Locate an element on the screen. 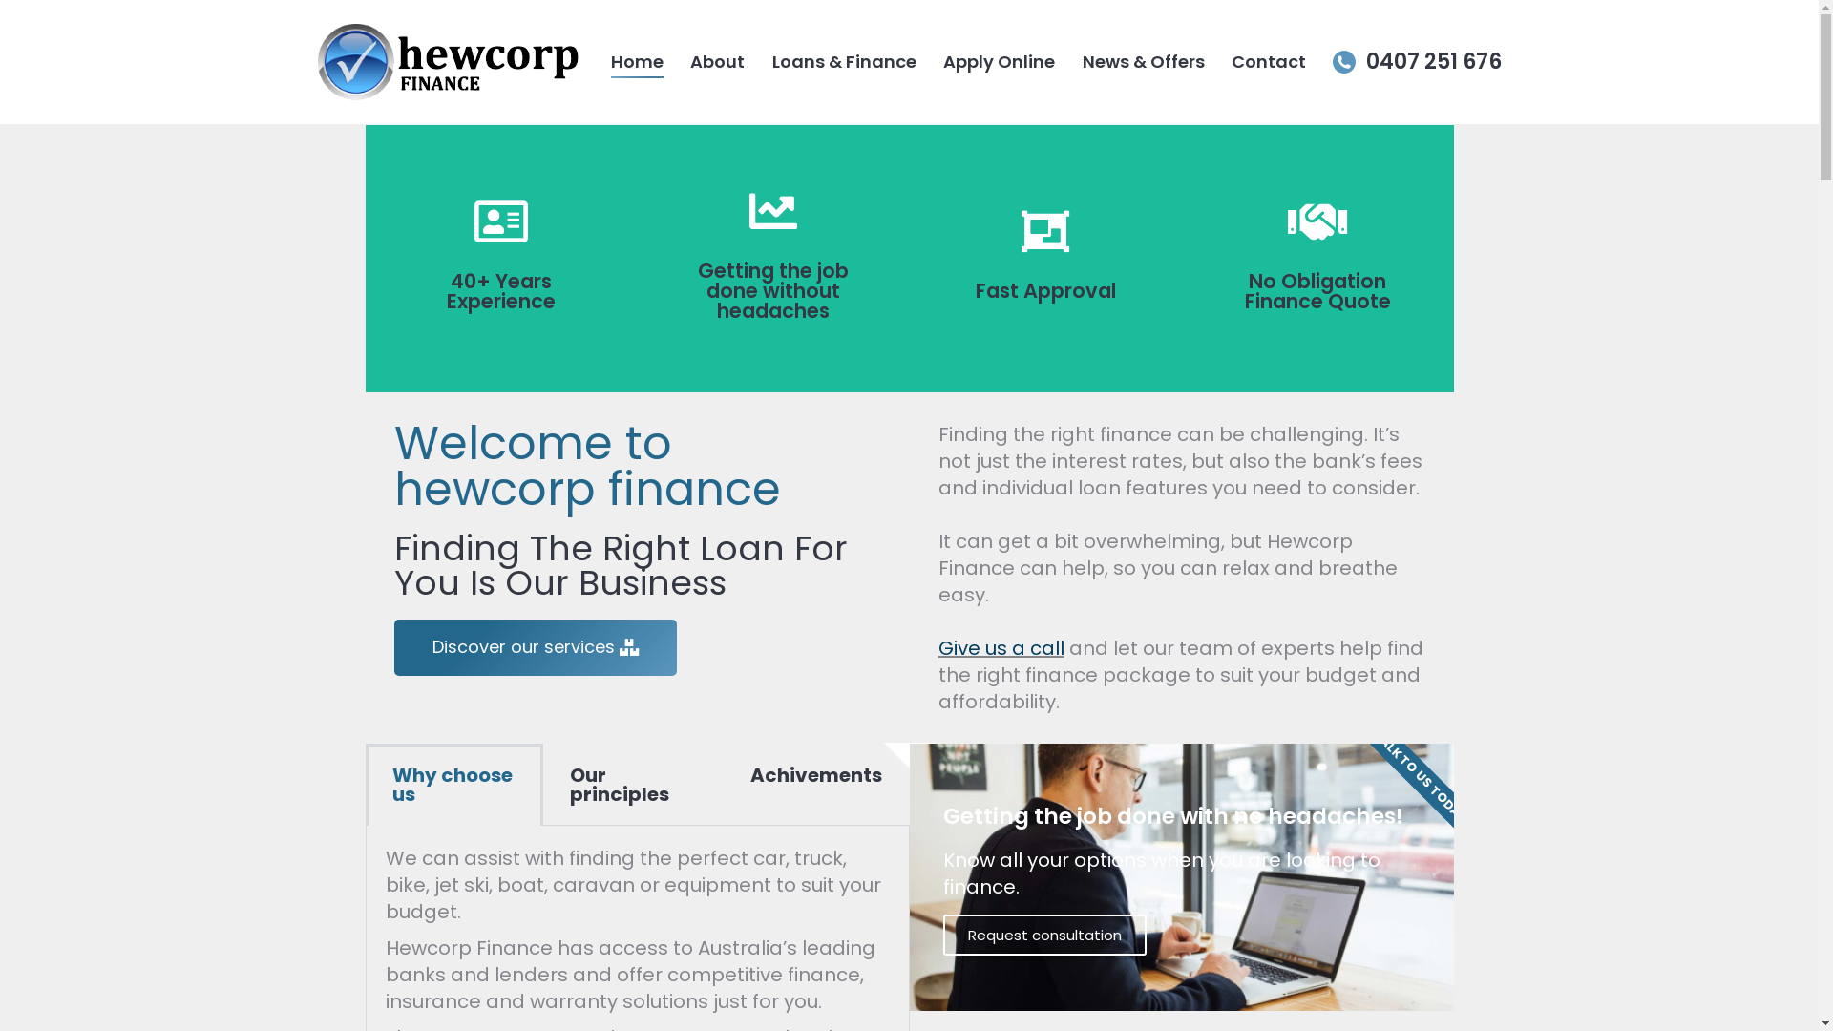 The width and height of the screenshot is (1833, 1031). 'Request consultation' is located at coordinates (1043, 934).